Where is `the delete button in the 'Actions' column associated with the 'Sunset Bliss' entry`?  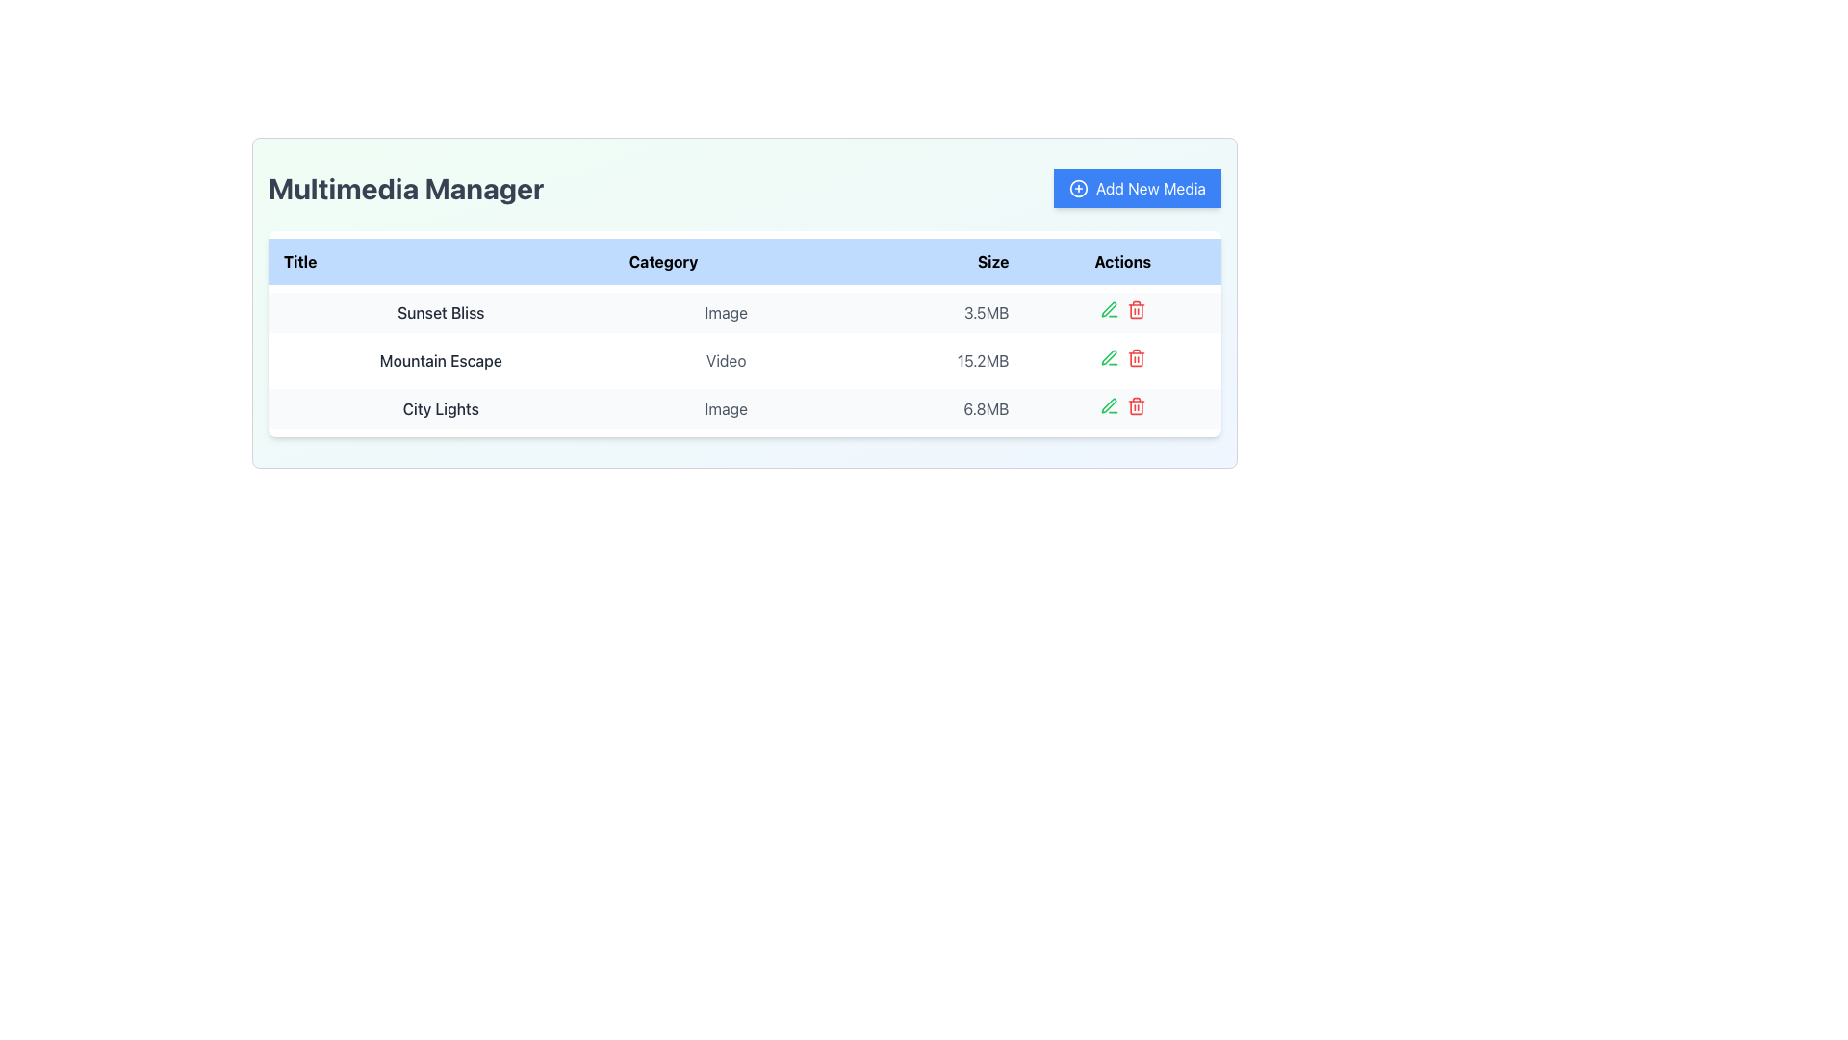
the delete button in the 'Actions' column associated with the 'Sunset Bliss' entry is located at coordinates (1136, 308).